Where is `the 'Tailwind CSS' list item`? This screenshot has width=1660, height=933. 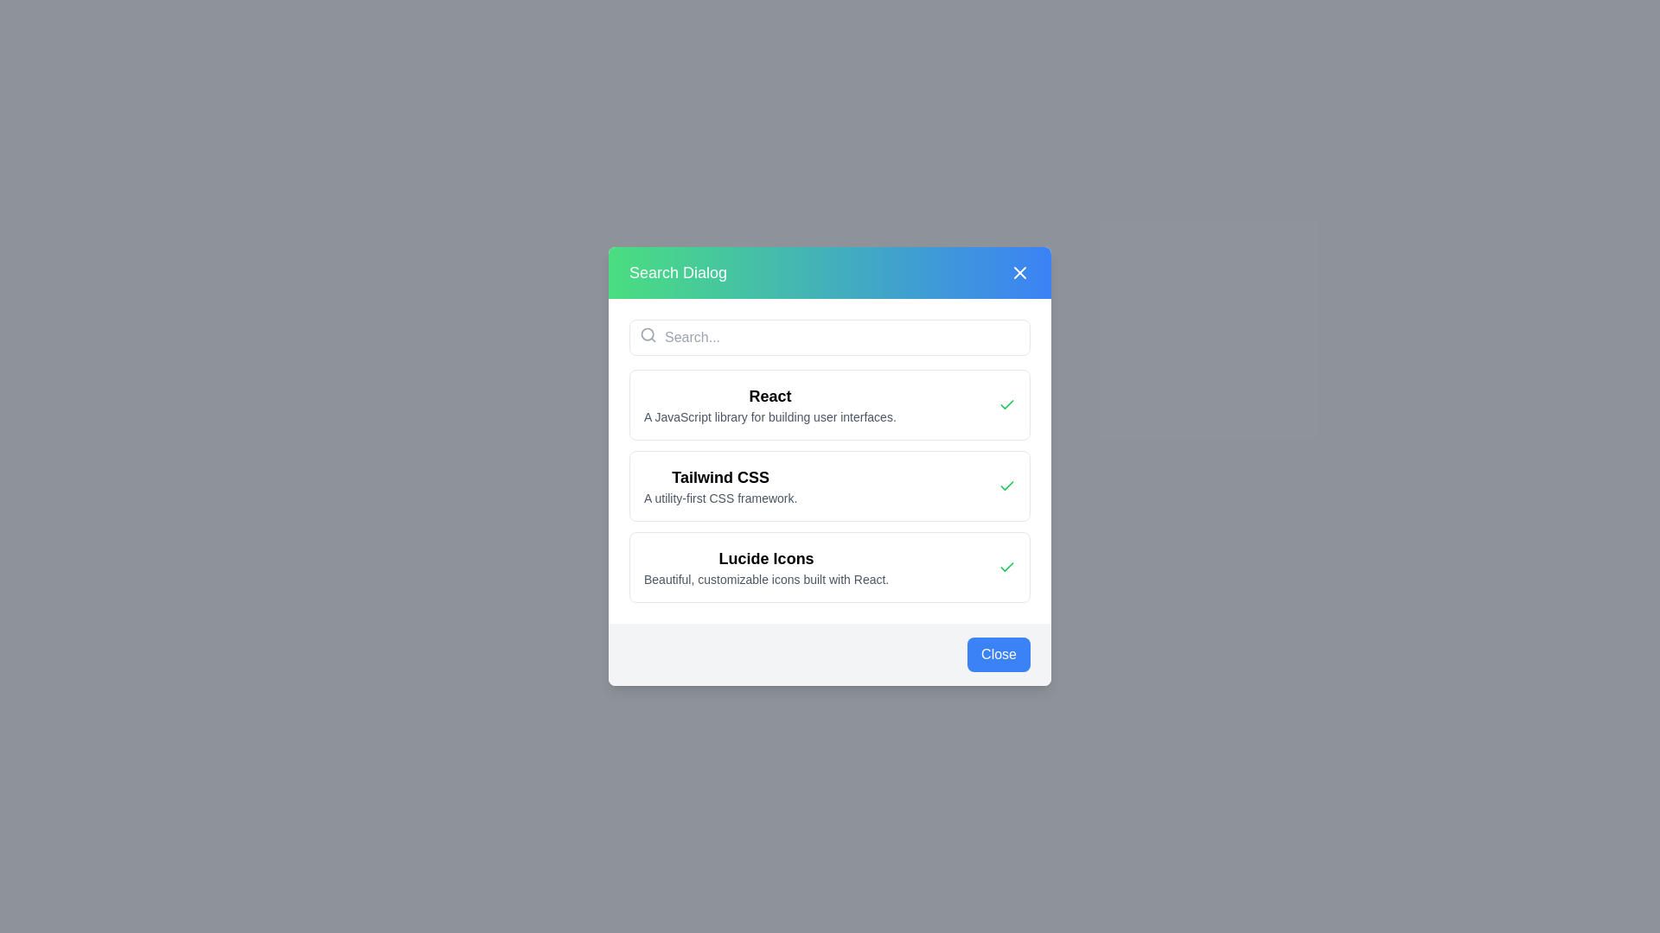
the 'Tailwind CSS' list item is located at coordinates (830, 486).